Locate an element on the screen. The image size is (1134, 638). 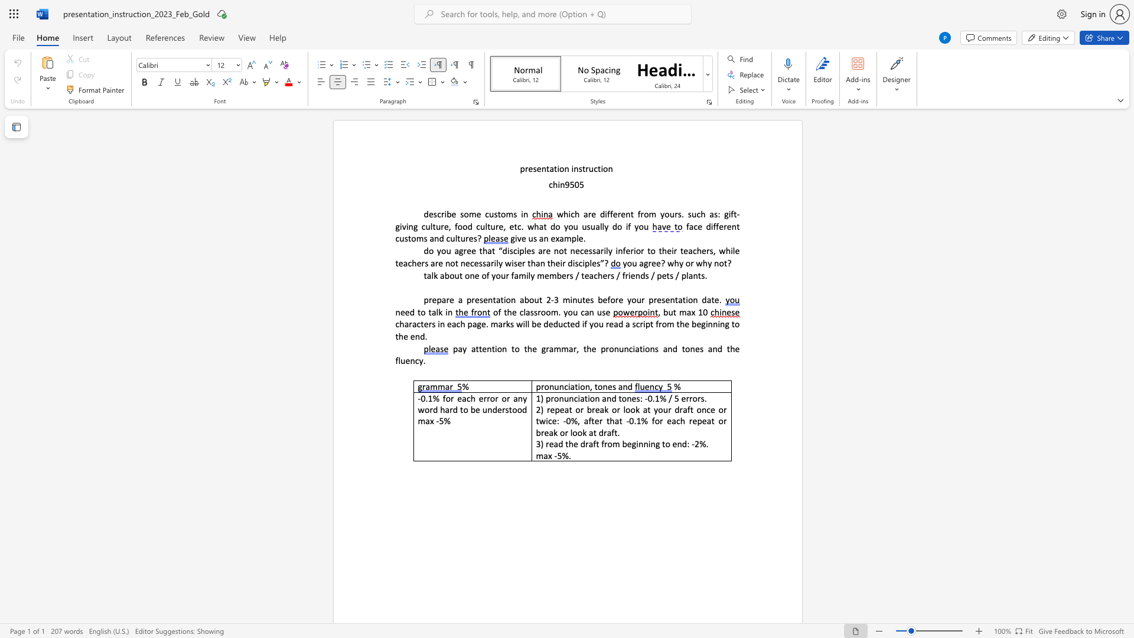
the subset text "/ plant" within the text "talk about one of your family members / teachers / friends / pets / plants." is located at coordinates (675, 275).